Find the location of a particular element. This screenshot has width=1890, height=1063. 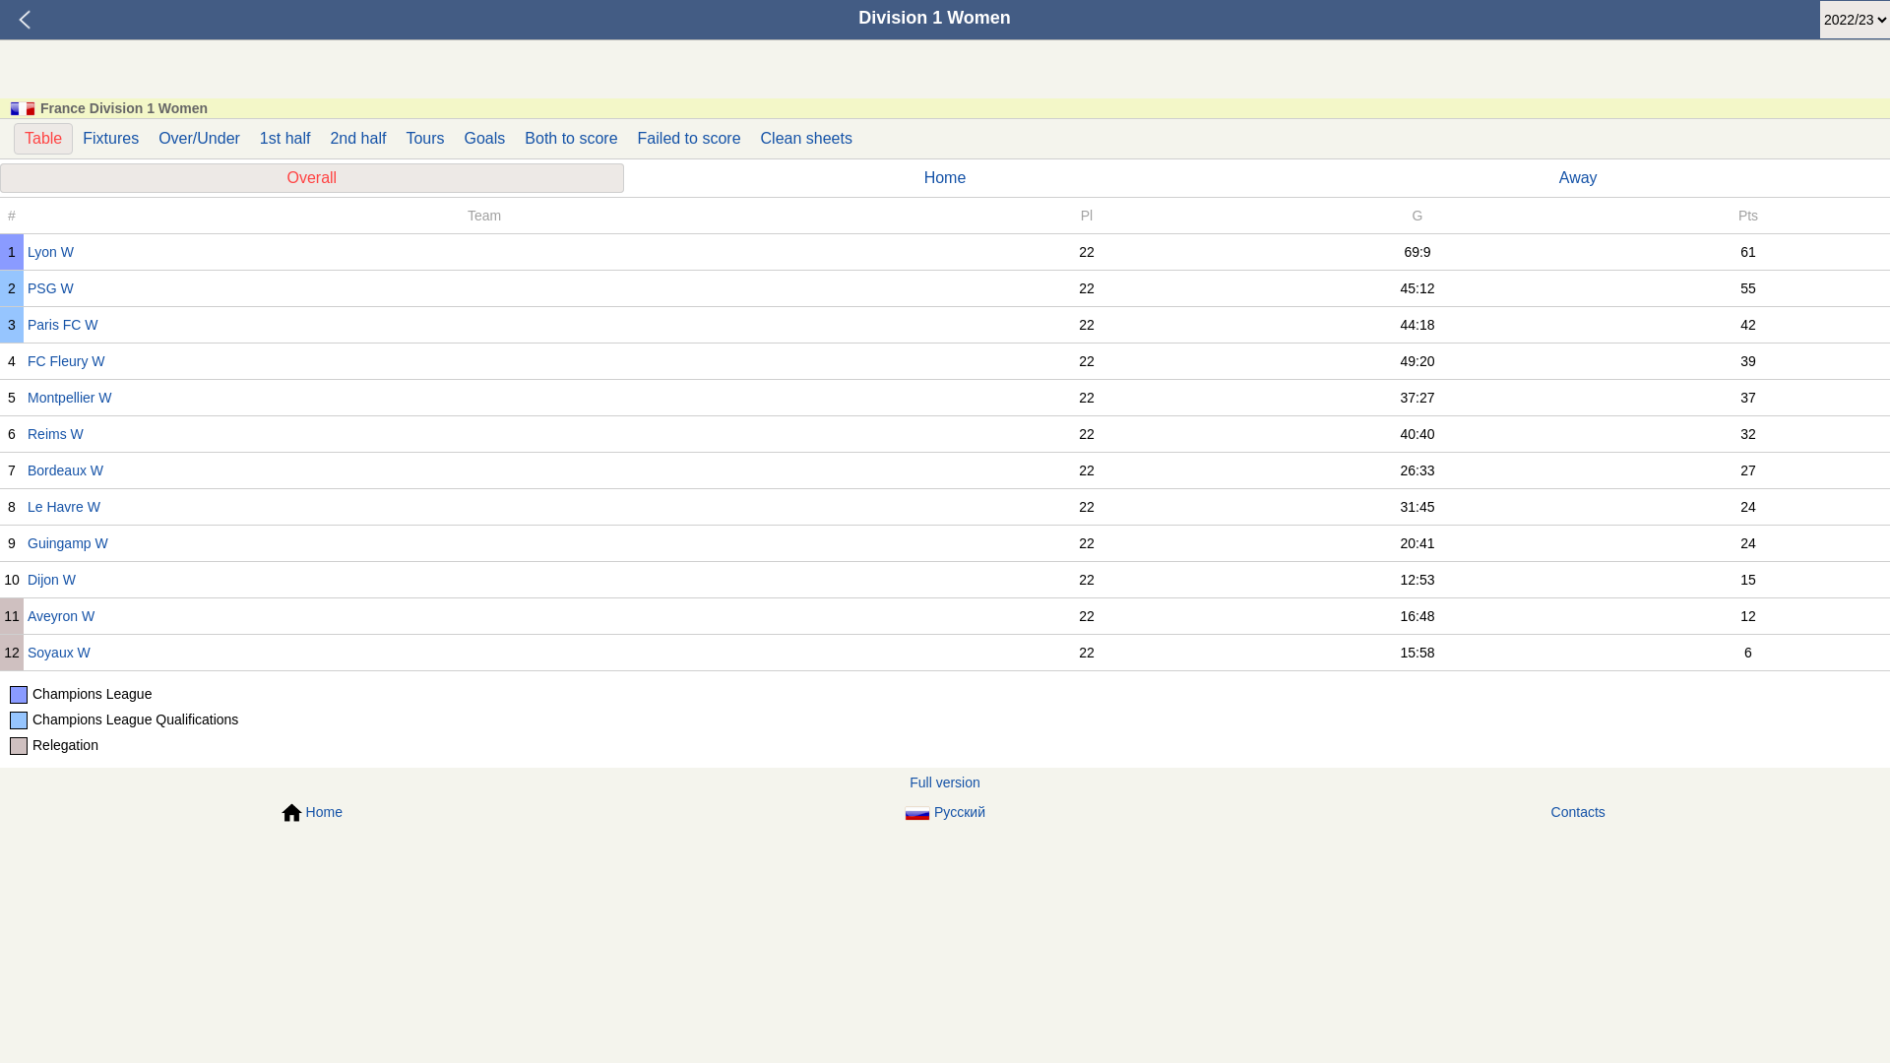

'Goals' is located at coordinates (485, 138).